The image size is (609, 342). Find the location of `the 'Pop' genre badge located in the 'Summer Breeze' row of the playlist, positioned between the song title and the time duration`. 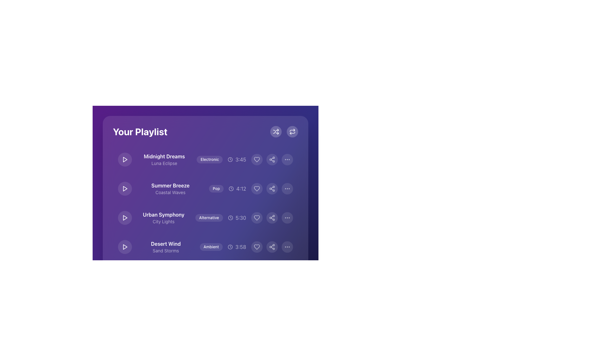

the 'Pop' genre badge located in the 'Summer Breeze' row of the playlist, positioned between the song title and the time duration is located at coordinates (216, 188).